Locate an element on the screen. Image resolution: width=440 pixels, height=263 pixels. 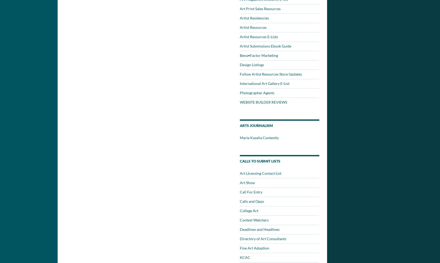
'Marie Kazalia Contently' is located at coordinates (259, 138).